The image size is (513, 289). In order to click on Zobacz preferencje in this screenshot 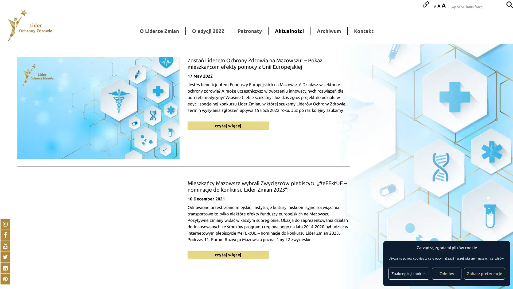, I will do `click(484, 273)`.